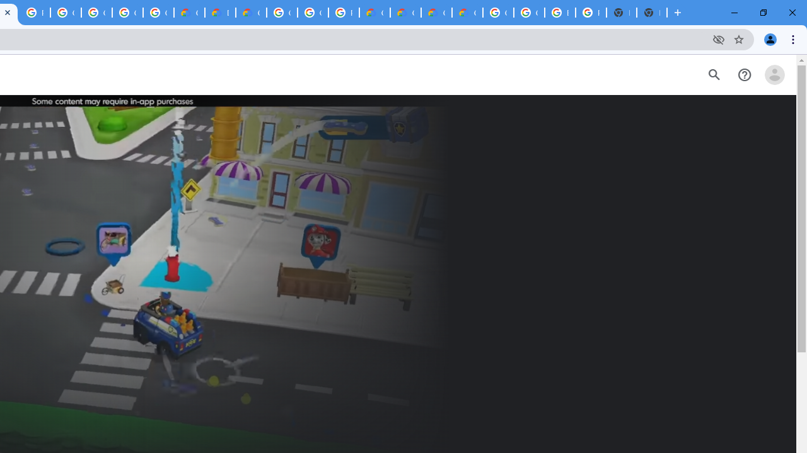 Image resolution: width=807 pixels, height=453 pixels. Describe the element at coordinates (313, 13) in the screenshot. I see `'Google Cloud Platform'` at that location.